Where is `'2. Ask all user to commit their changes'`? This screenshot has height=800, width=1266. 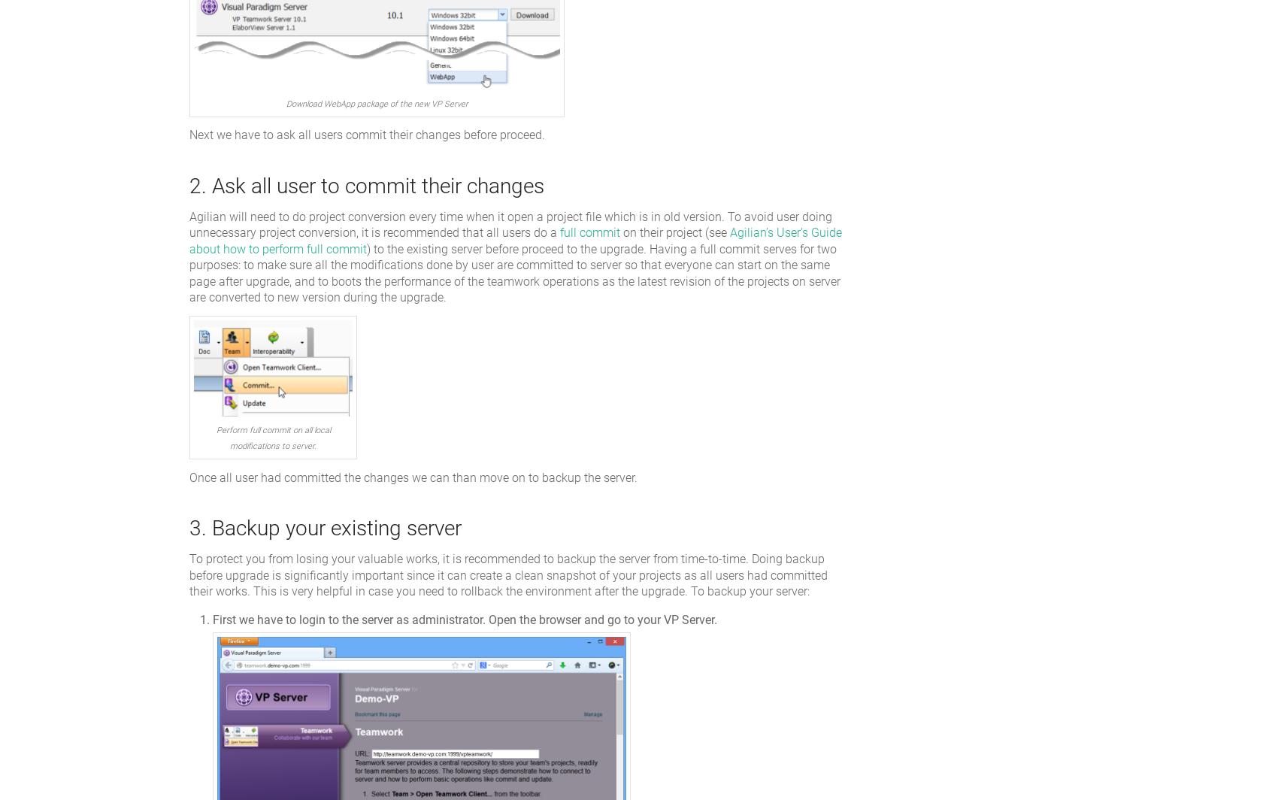
'2. Ask all user to commit their changes' is located at coordinates (366, 185).